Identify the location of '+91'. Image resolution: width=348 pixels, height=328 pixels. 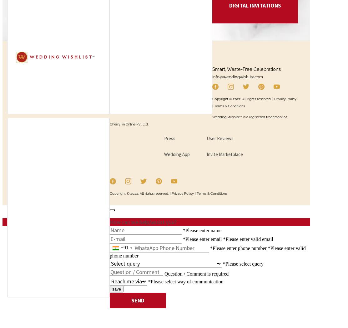
(120, 247).